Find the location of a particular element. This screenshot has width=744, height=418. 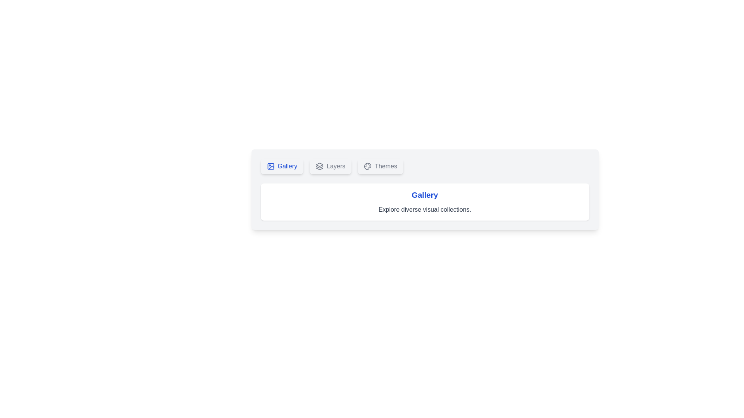

the Layers tab to view its content is located at coordinates (331, 166).